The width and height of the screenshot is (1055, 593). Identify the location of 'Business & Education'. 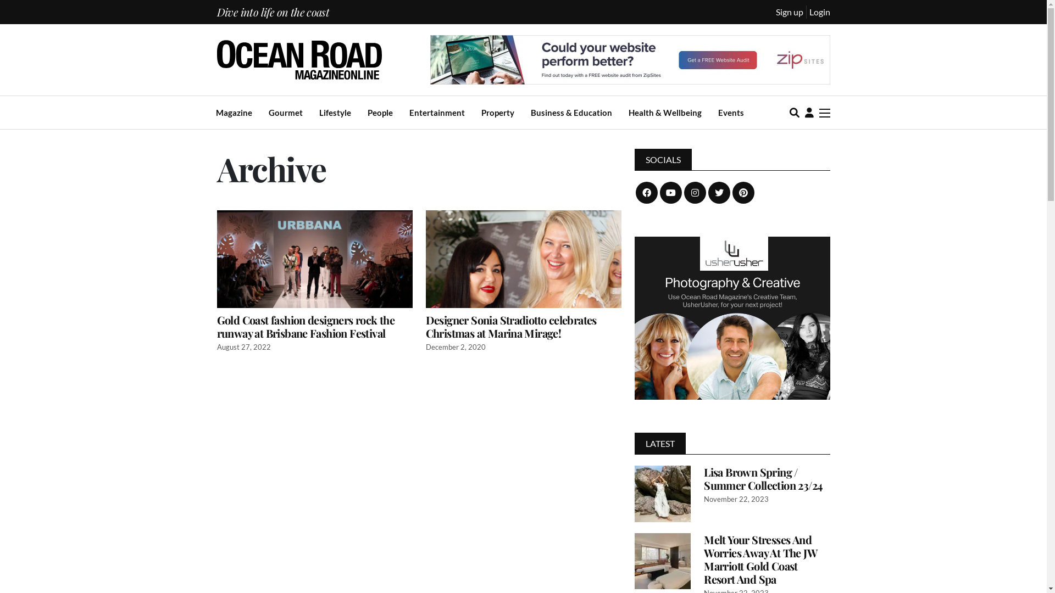
(571, 113).